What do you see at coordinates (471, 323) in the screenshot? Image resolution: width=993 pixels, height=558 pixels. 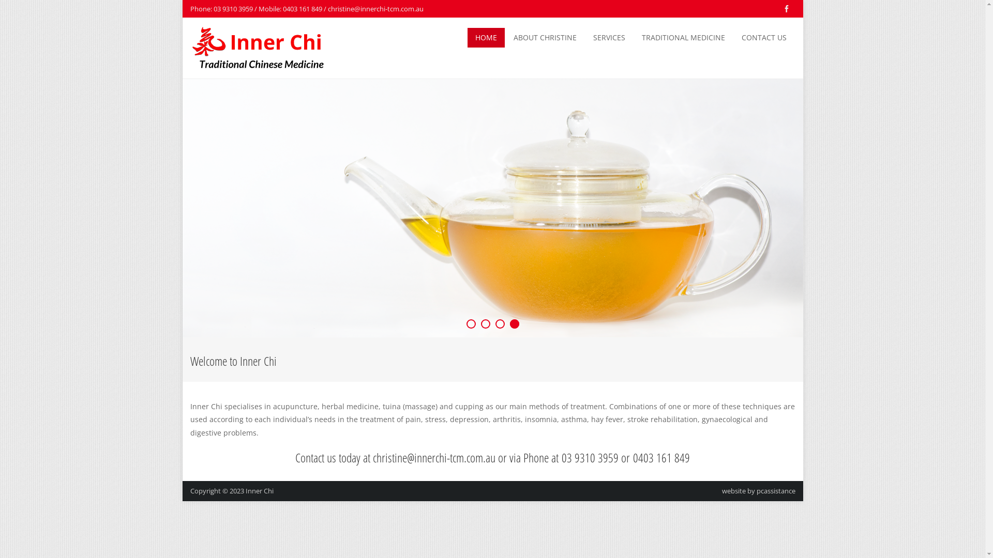 I see `'1'` at bounding box center [471, 323].